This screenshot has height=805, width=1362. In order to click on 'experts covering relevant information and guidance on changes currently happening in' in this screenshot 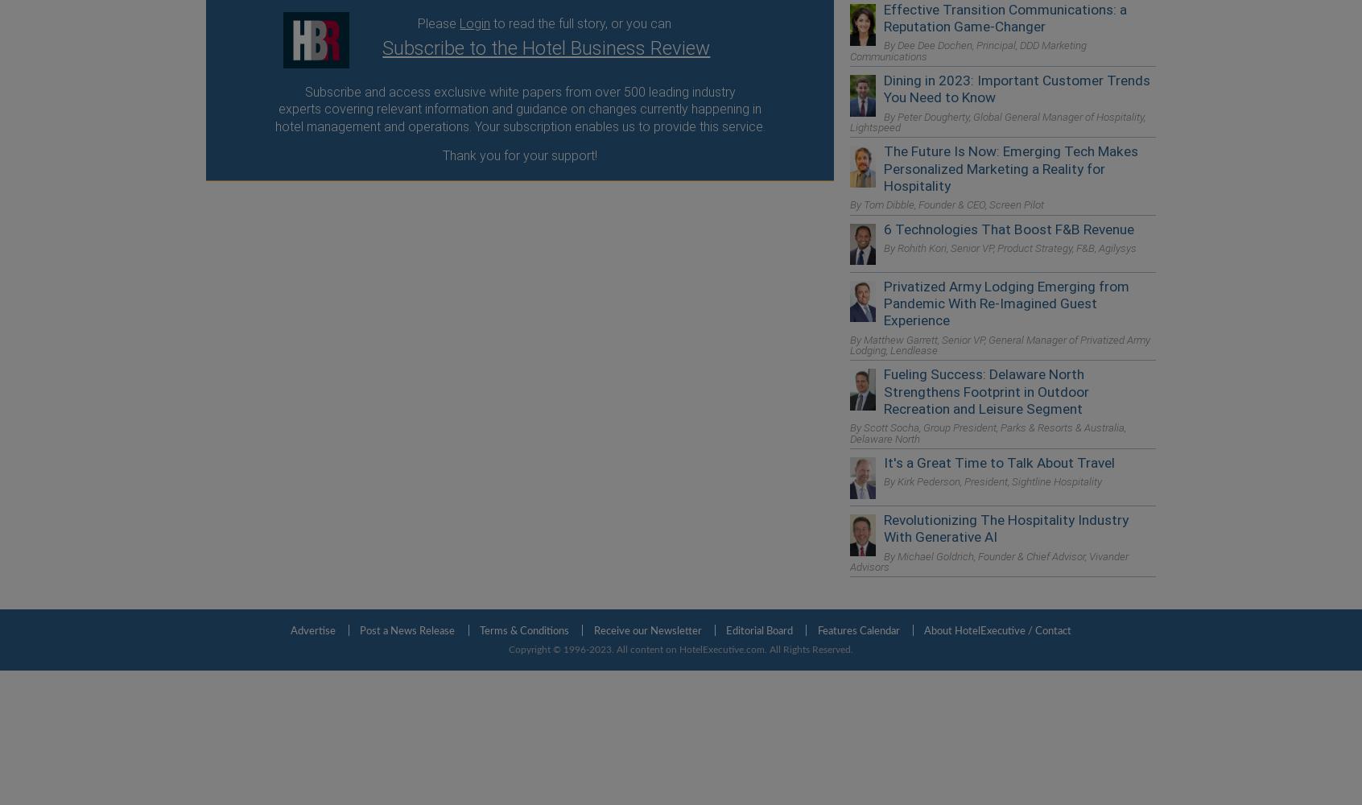, I will do `click(520, 109)`.